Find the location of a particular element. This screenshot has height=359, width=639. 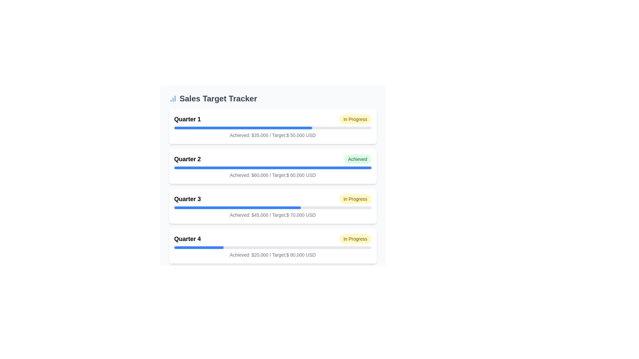

the progress bar in the 'Quarter 3' section of the 'Sales Target Tracker' dashboard to visually represent the proportion of the target sales achieved relative to the overall target for Quarter 3 is located at coordinates (273, 207).